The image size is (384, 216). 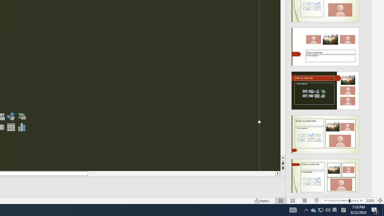 What do you see at coordinates (22, 127) in the screenshot?
I see `'Insert Chart'` at bounding box center [22, 127].